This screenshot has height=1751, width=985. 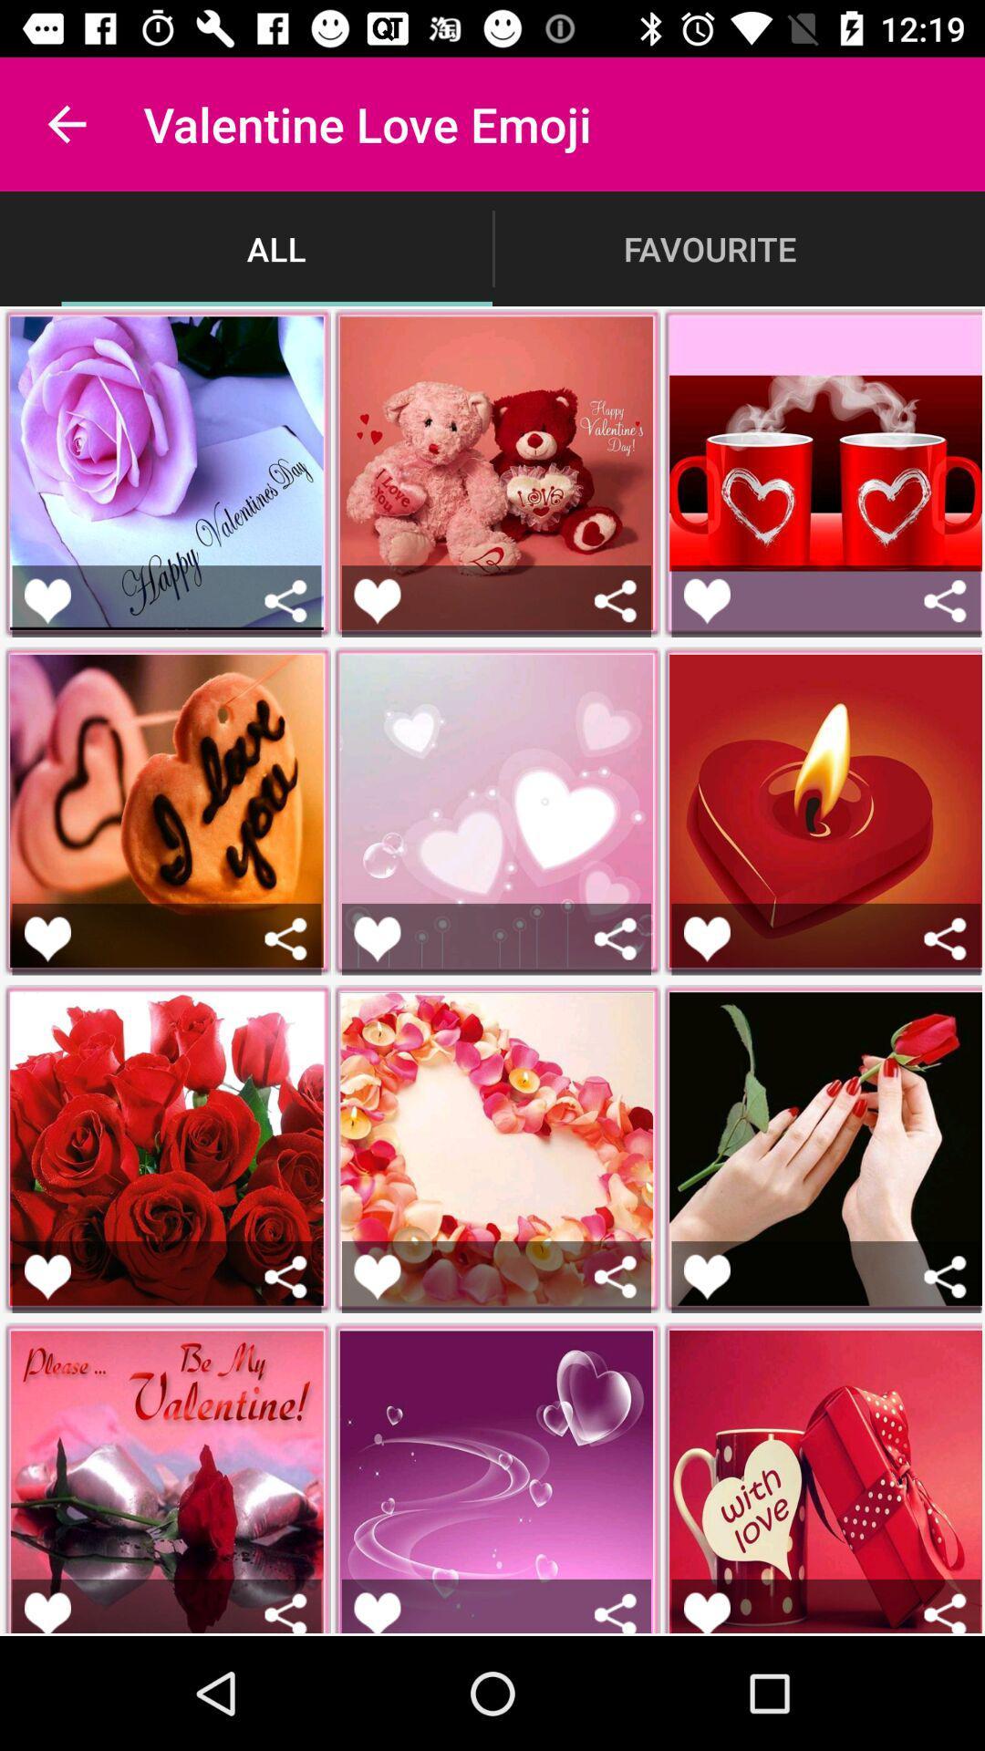 I want to click on share options, so click(x=616, y=938).